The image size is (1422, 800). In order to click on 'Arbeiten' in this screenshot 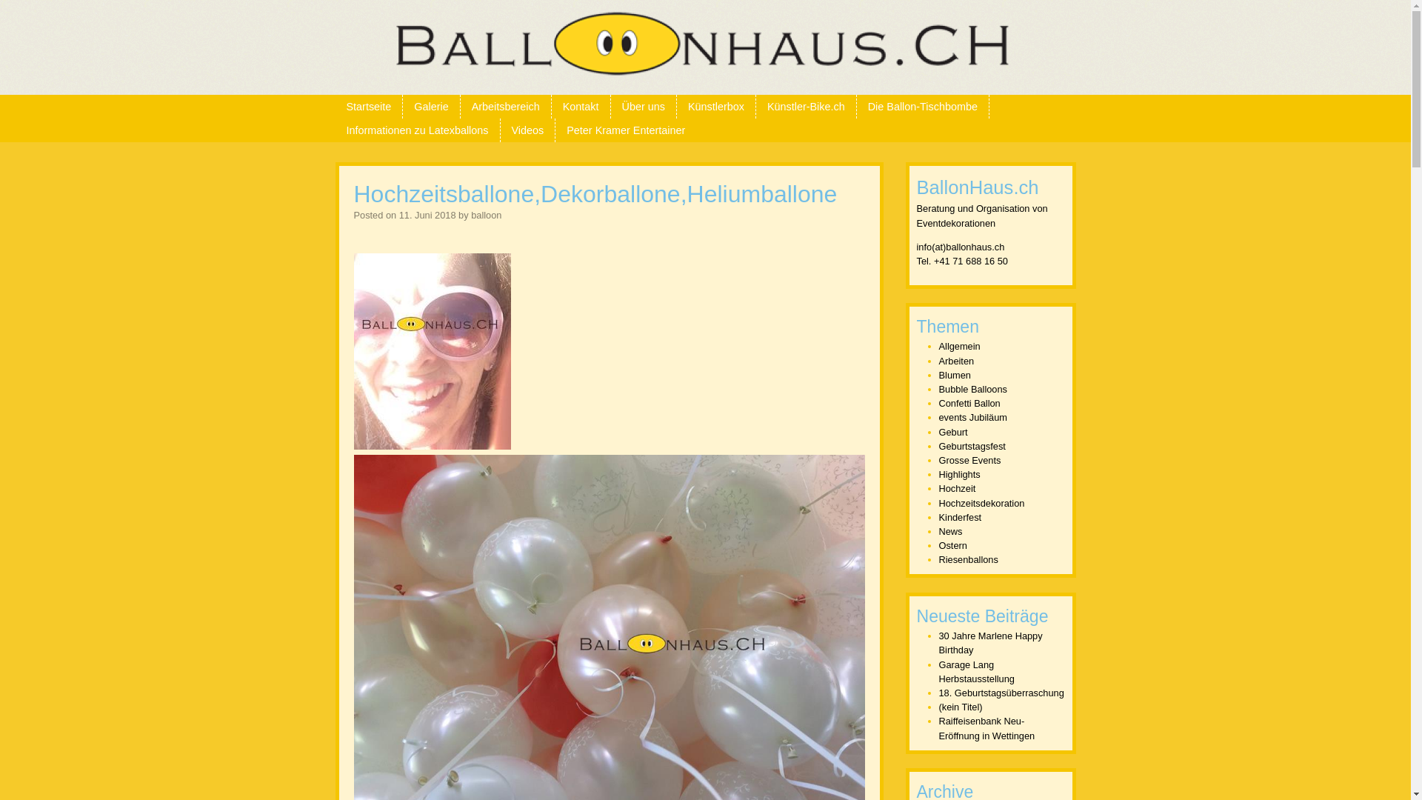, I will do `click(938, 361)`.